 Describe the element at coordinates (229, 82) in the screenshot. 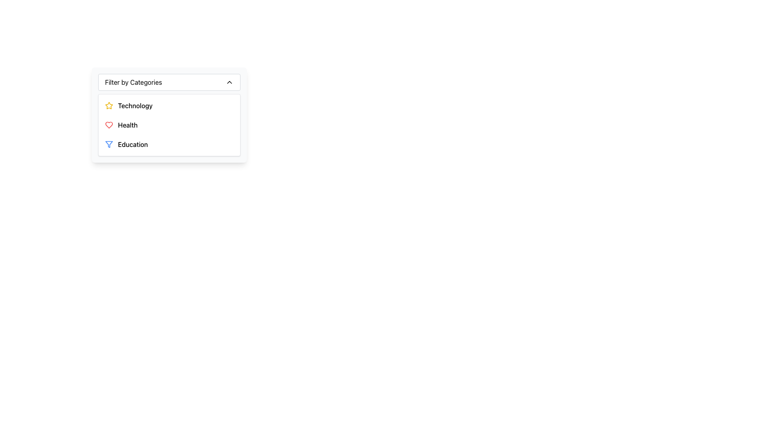

I see `the Chevron Up icon located at the far right side of the 'Filter by Categories' label` at that location.